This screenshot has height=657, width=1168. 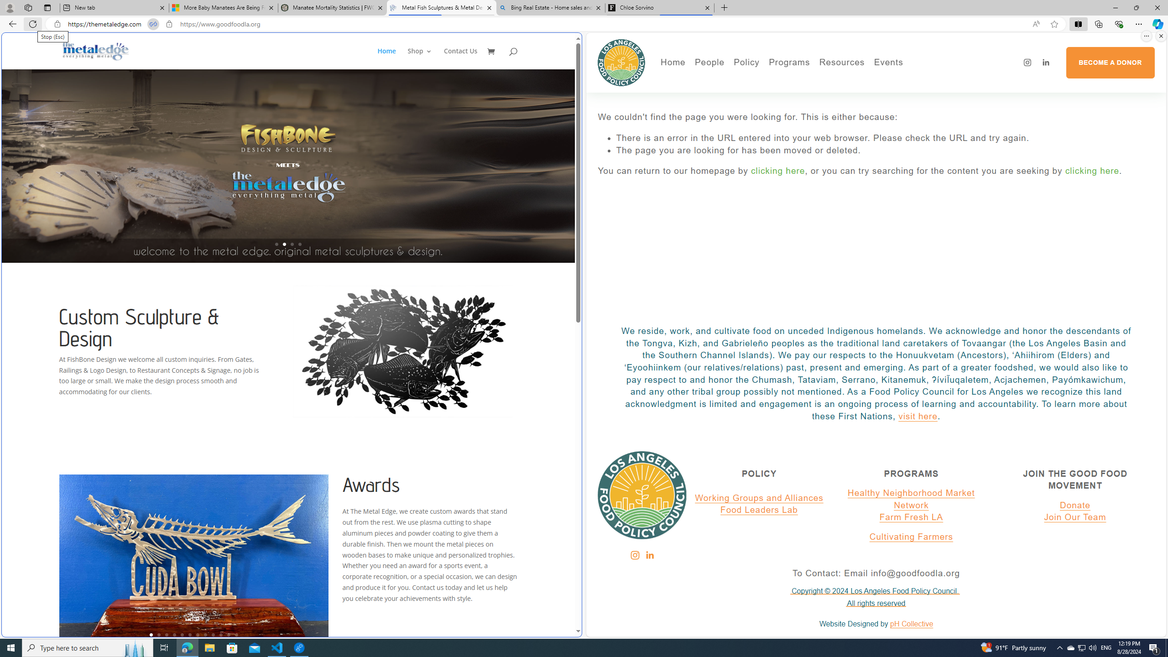 What do you see at coordinates (918, 416) in the screenshot?
I see `'visit here'` at bounding box center [918, 416].